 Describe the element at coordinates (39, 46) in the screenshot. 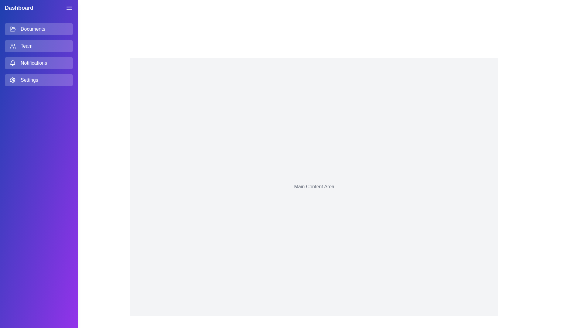

I see `the menu item Team to observe hover effects` at that location.